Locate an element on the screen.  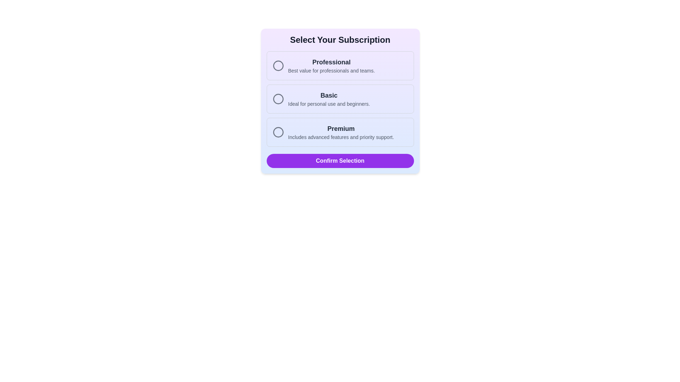
information from the 'Basic' subscription plan text block, which is the second option in the subscription plans list, located between 'Professional' and 'Premium' is located at coordinates (329, 99).